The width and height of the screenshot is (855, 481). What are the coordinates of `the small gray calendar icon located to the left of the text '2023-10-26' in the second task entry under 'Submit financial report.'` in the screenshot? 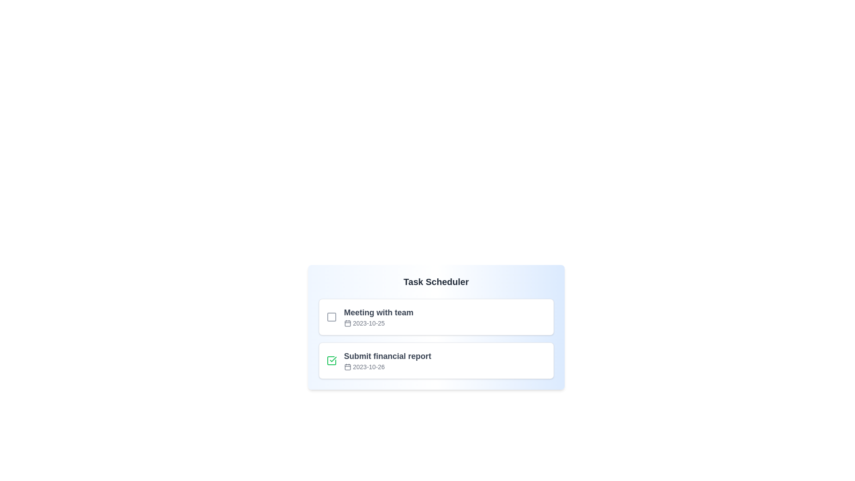 It's located at (347, 367).